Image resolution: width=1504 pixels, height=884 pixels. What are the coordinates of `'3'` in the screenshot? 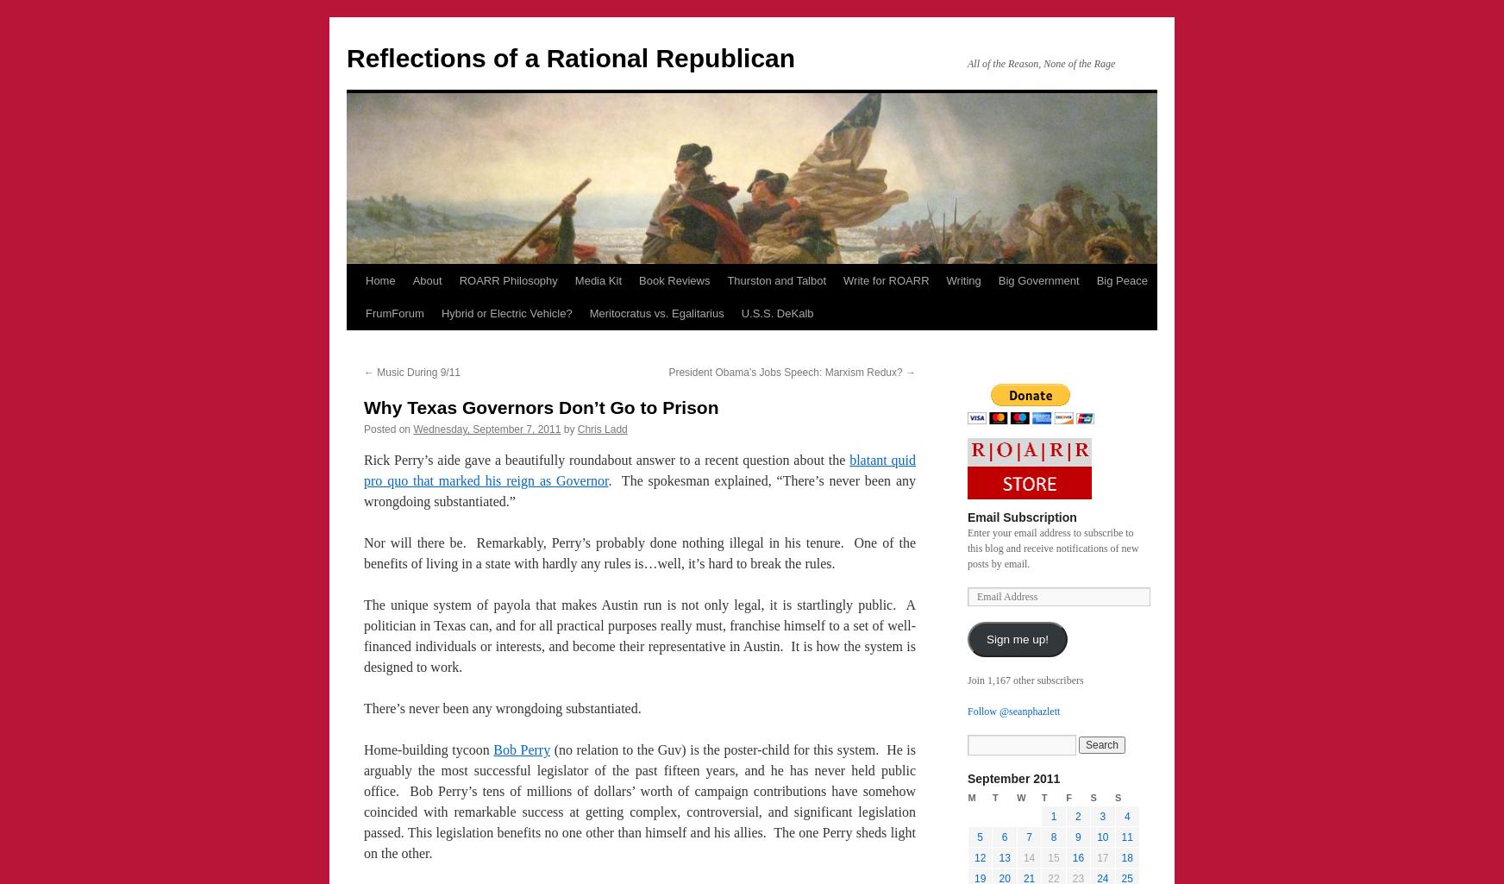 It's located at (1102, 816).